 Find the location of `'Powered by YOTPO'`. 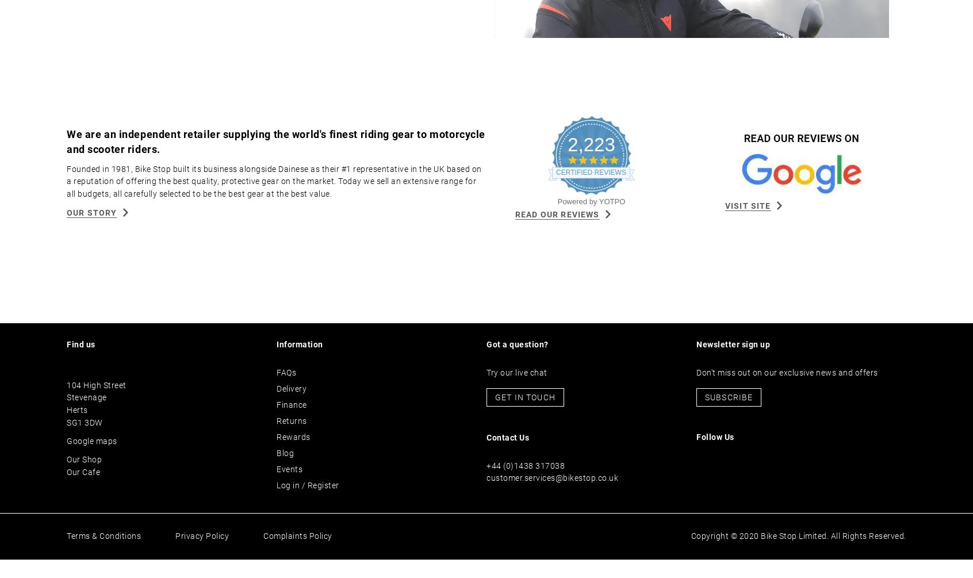

'Powered by YOTPO' is located at coordinates (591, 220).